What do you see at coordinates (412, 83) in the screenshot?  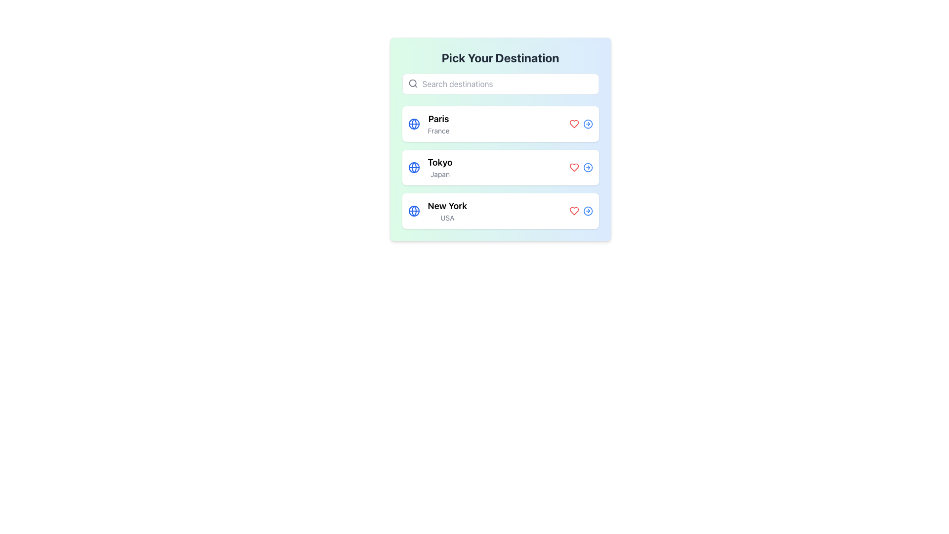 I see `the circular shape within the magnifying glass icon of the search bar located near the top of the widget` at bounding box center [412, 83].